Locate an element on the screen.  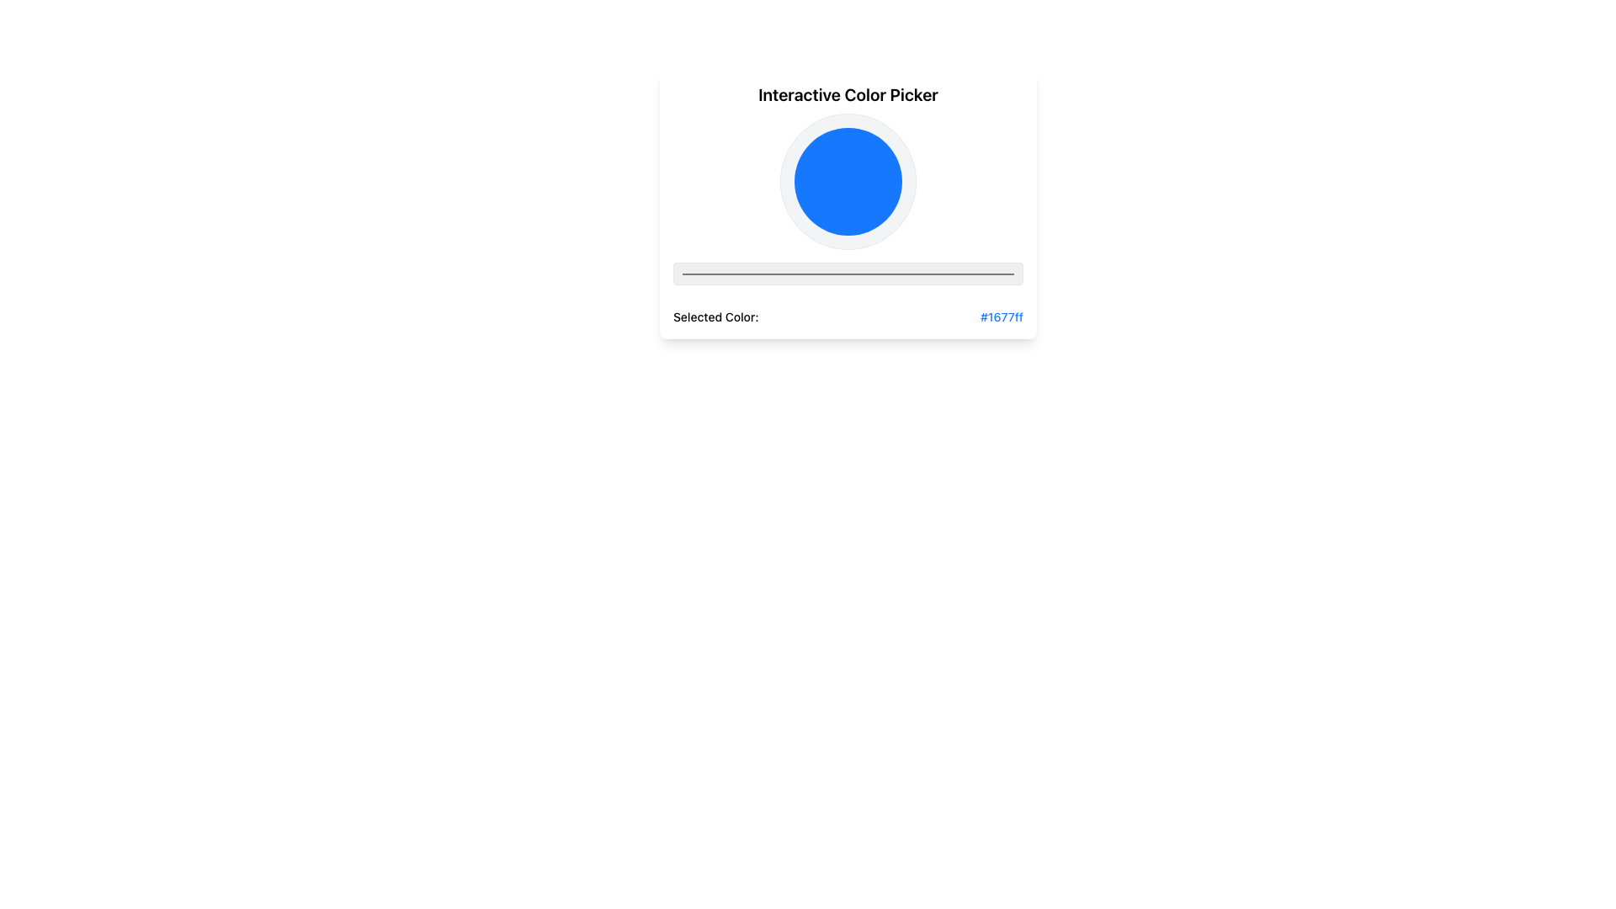
the color displayed by the Circular Visual Indicator located in the center of the color picker interface, below the header 'Interactive Color Picker' is located at coordinates (848, 182).